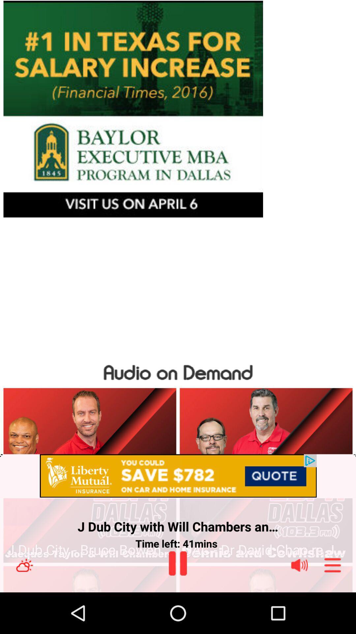  Describe the element at coordinates (24, 565) in the screenshot. I see `the climate icon` at that location.